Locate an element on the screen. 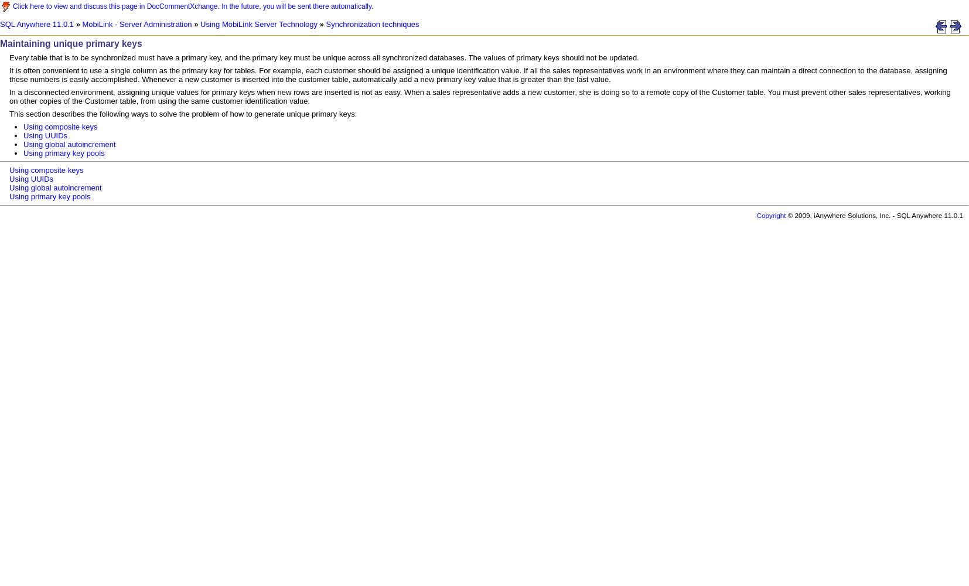 This screenshot has width=969, height=586. 'Copyright' is located at coordinates (770, 214).